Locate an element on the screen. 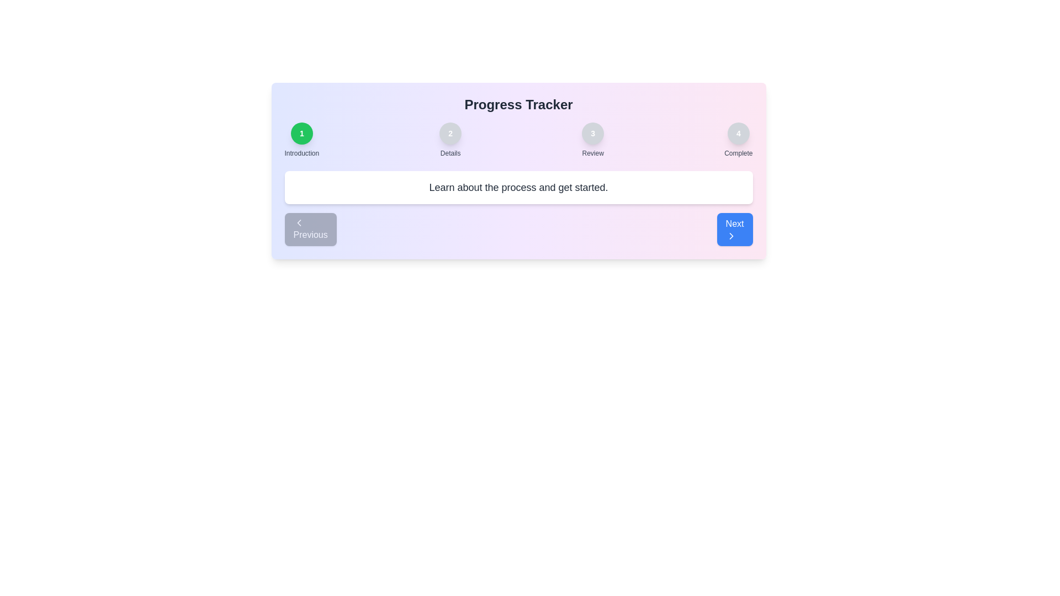  the step detail text area to read and interact with the displayed information is located at coordinates (518, 187).